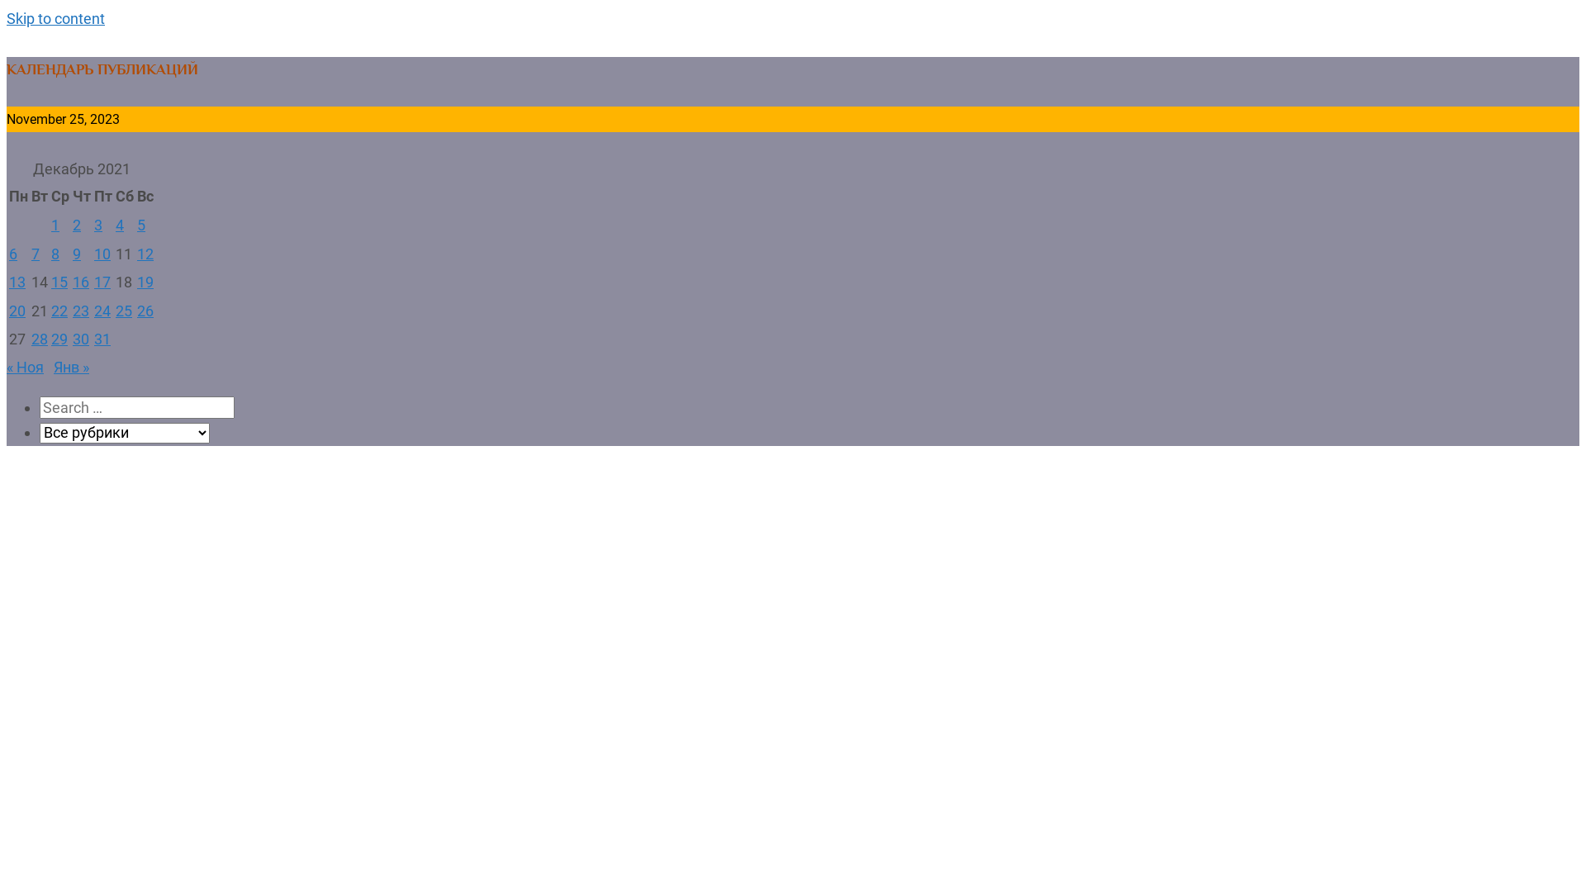  Describe the element at coordinates (59, 311) in the screenshot. I see `'22'` at that location.